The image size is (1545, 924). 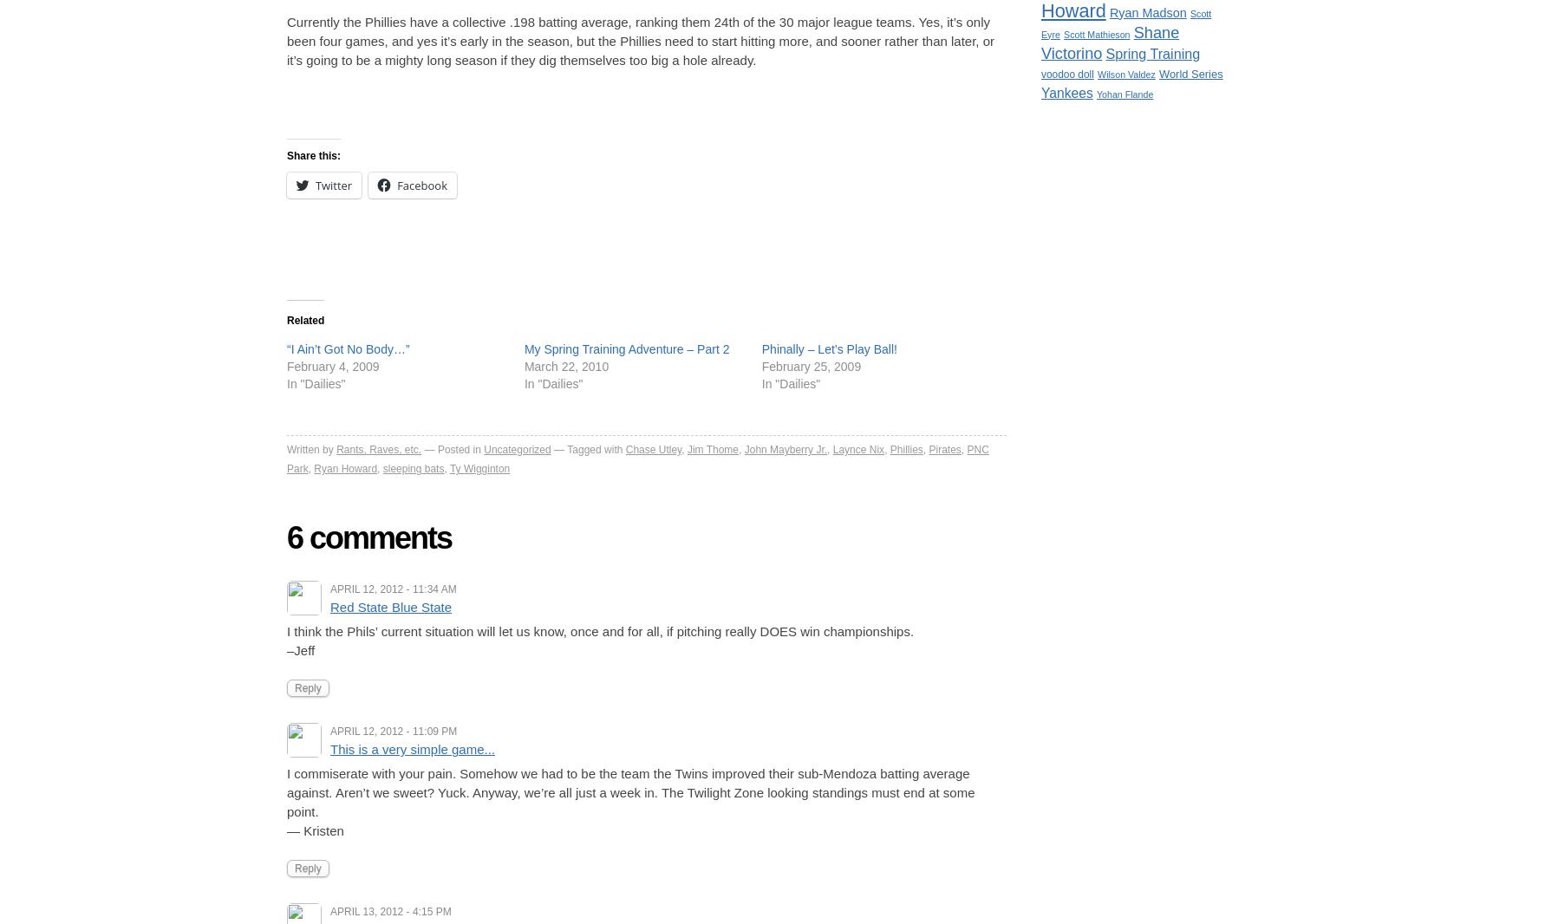 I want to click on 'April 12, 2012 - 11:34 am', so click(x=392, y=589).